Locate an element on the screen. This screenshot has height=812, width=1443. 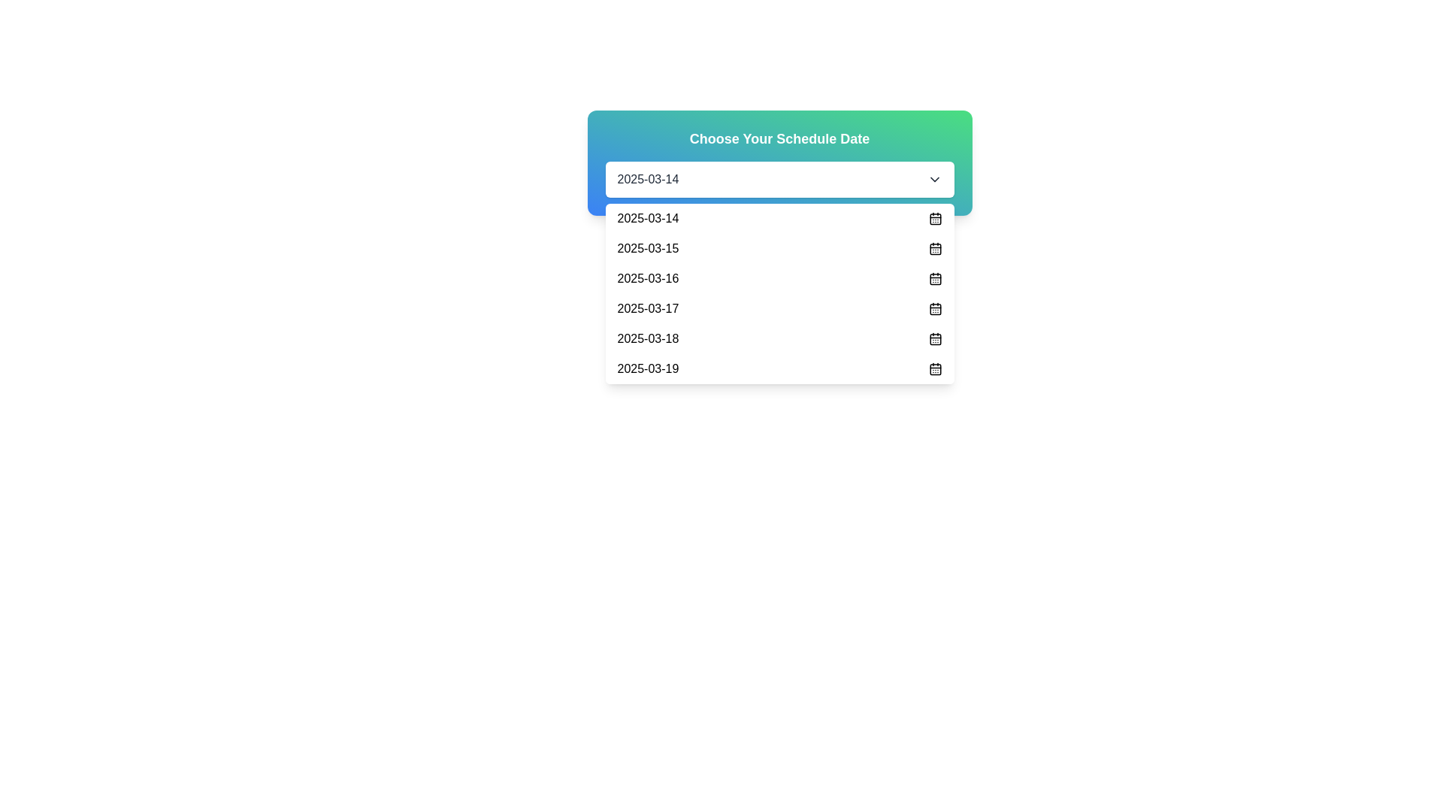
the small calendar-shaped icon located near the right edge of the row displaying '2025-03-15' is located at coordinates (934, 248).